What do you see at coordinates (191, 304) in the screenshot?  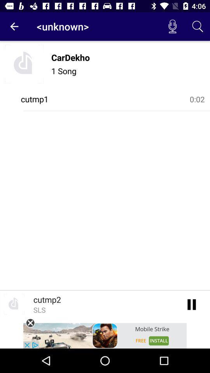 I see `the pause icon` at bounding box center [191, 304].